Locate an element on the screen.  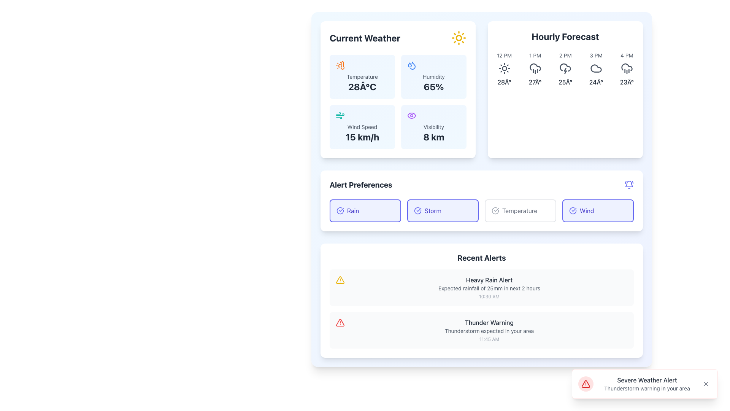
the weather icon that indicates rain in the 'Hourly Forecast' panel under the '1 PM' column is located at coordinates (535, 68).